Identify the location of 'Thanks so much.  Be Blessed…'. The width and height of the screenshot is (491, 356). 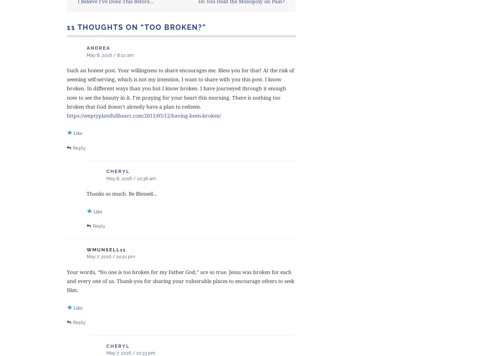
(122, 193).